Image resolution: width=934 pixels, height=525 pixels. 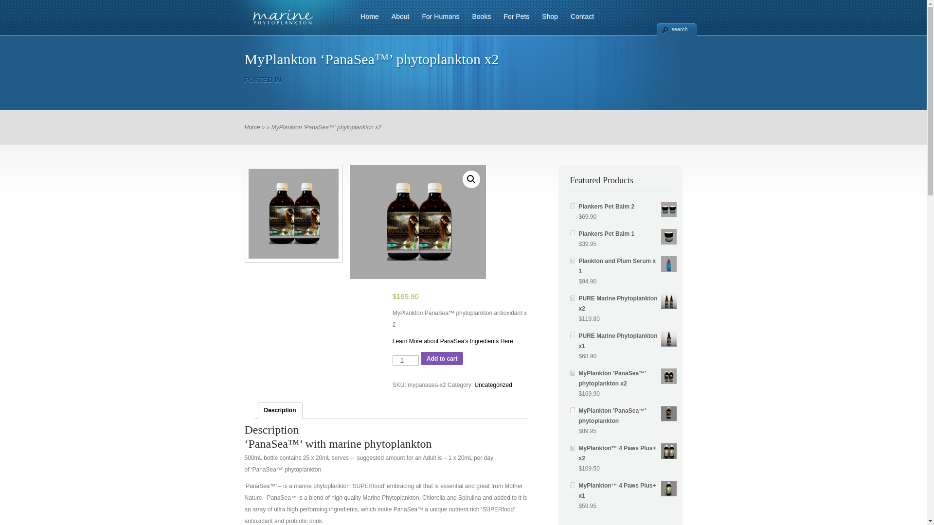 What do you see at coordinates (546, 22) in the screenshot?
I see `'Shop'` at bounding box center [546, 22].